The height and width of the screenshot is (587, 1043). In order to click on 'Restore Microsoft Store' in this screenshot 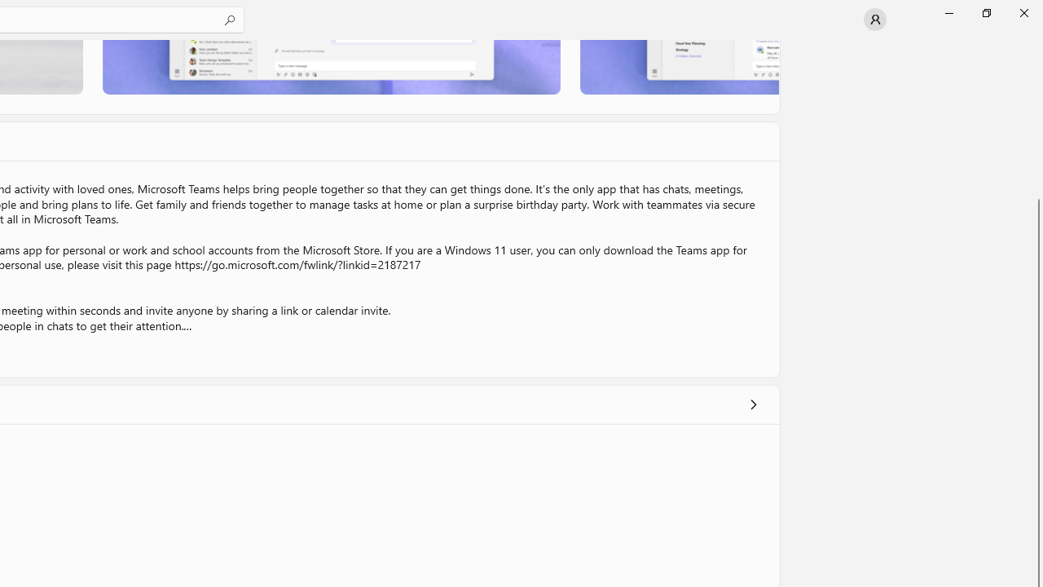, I will do `click(985, 12)`.